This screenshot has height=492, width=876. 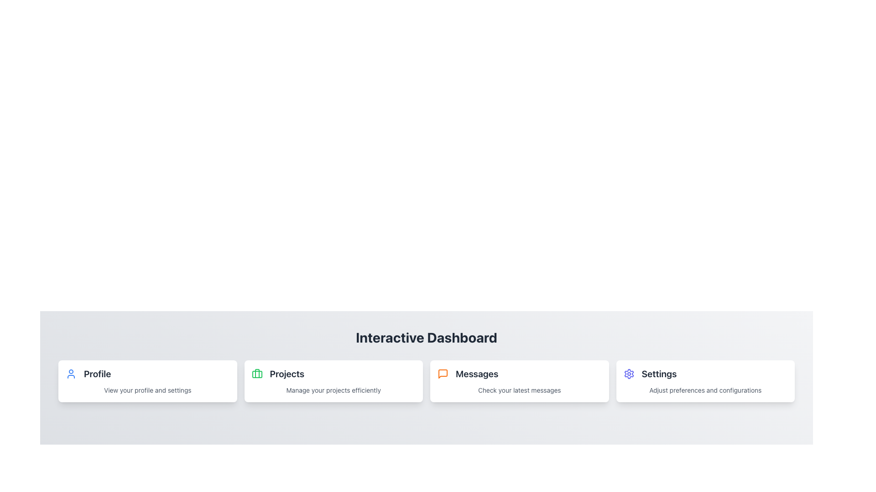 What do you see at coordinates (256, 374) in the screenshot?
I see `vertical line segment that is part of the briefcase icon located above the 'Projects' card in the interactive dashboard using the browser developer tools` at bounding box center [256, 374].